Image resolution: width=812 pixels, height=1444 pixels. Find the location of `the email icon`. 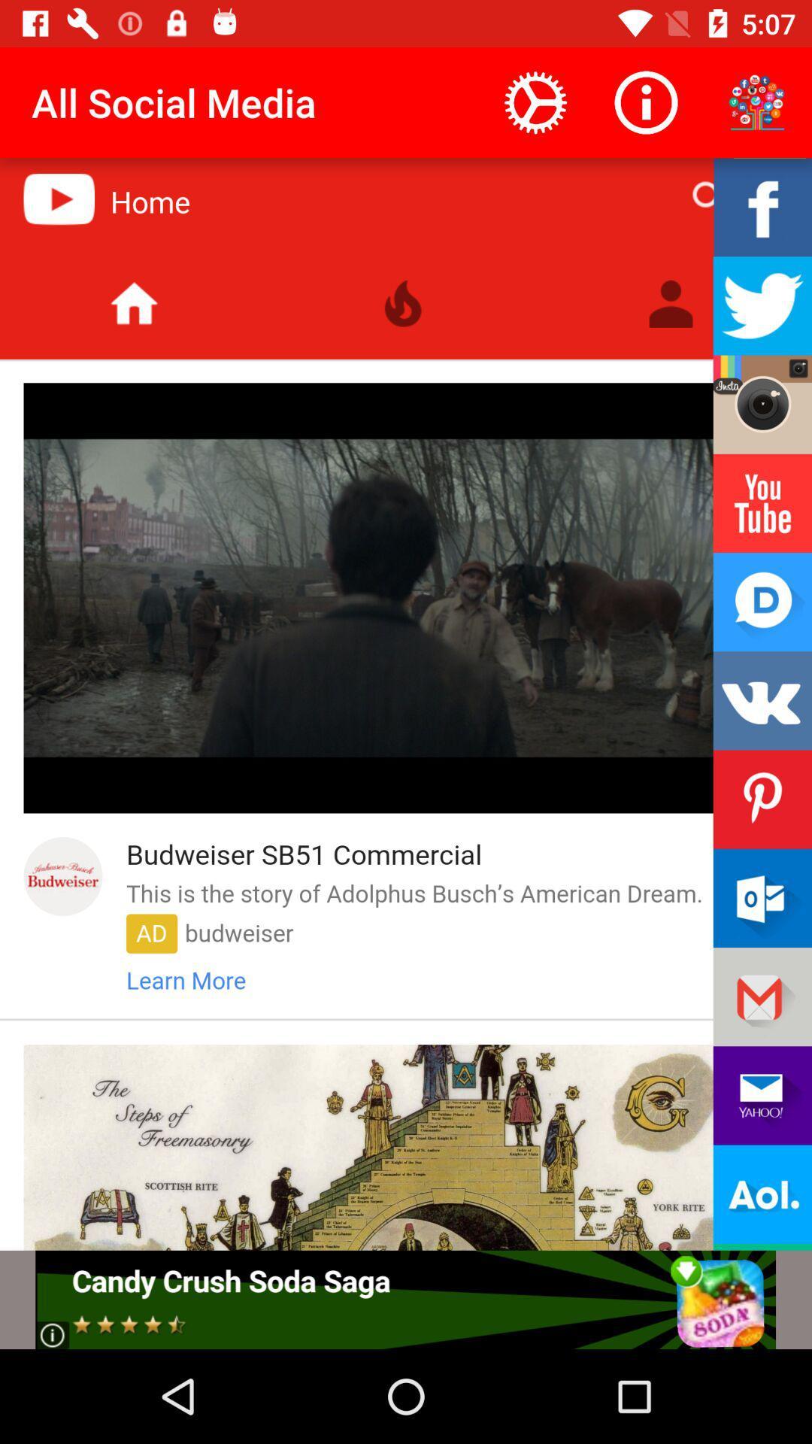

the email icon is located at coordinates (762, 1095).